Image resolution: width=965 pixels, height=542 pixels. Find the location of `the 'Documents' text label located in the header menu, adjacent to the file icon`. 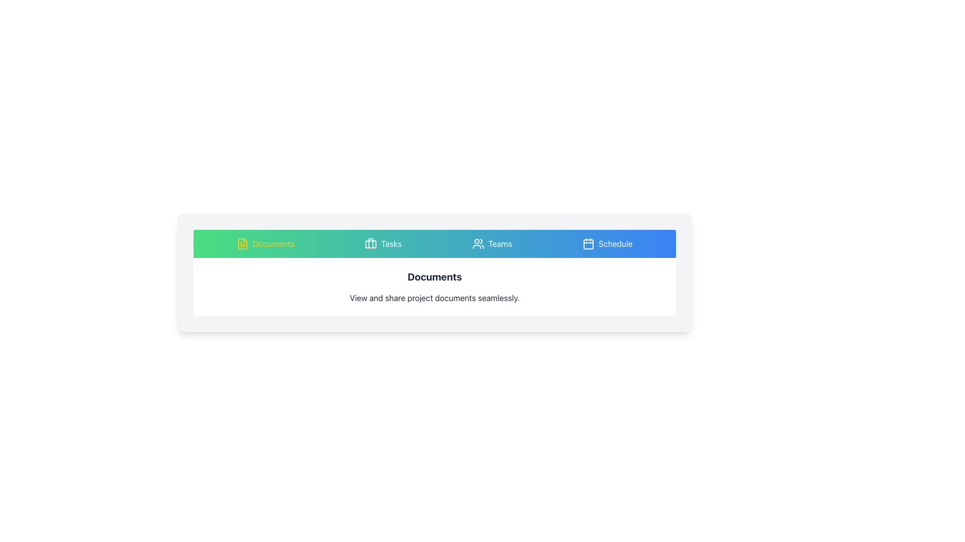

the 'Documents' text label located in the header menu, adjacent to the file icon is located at coordinates (273, 244).